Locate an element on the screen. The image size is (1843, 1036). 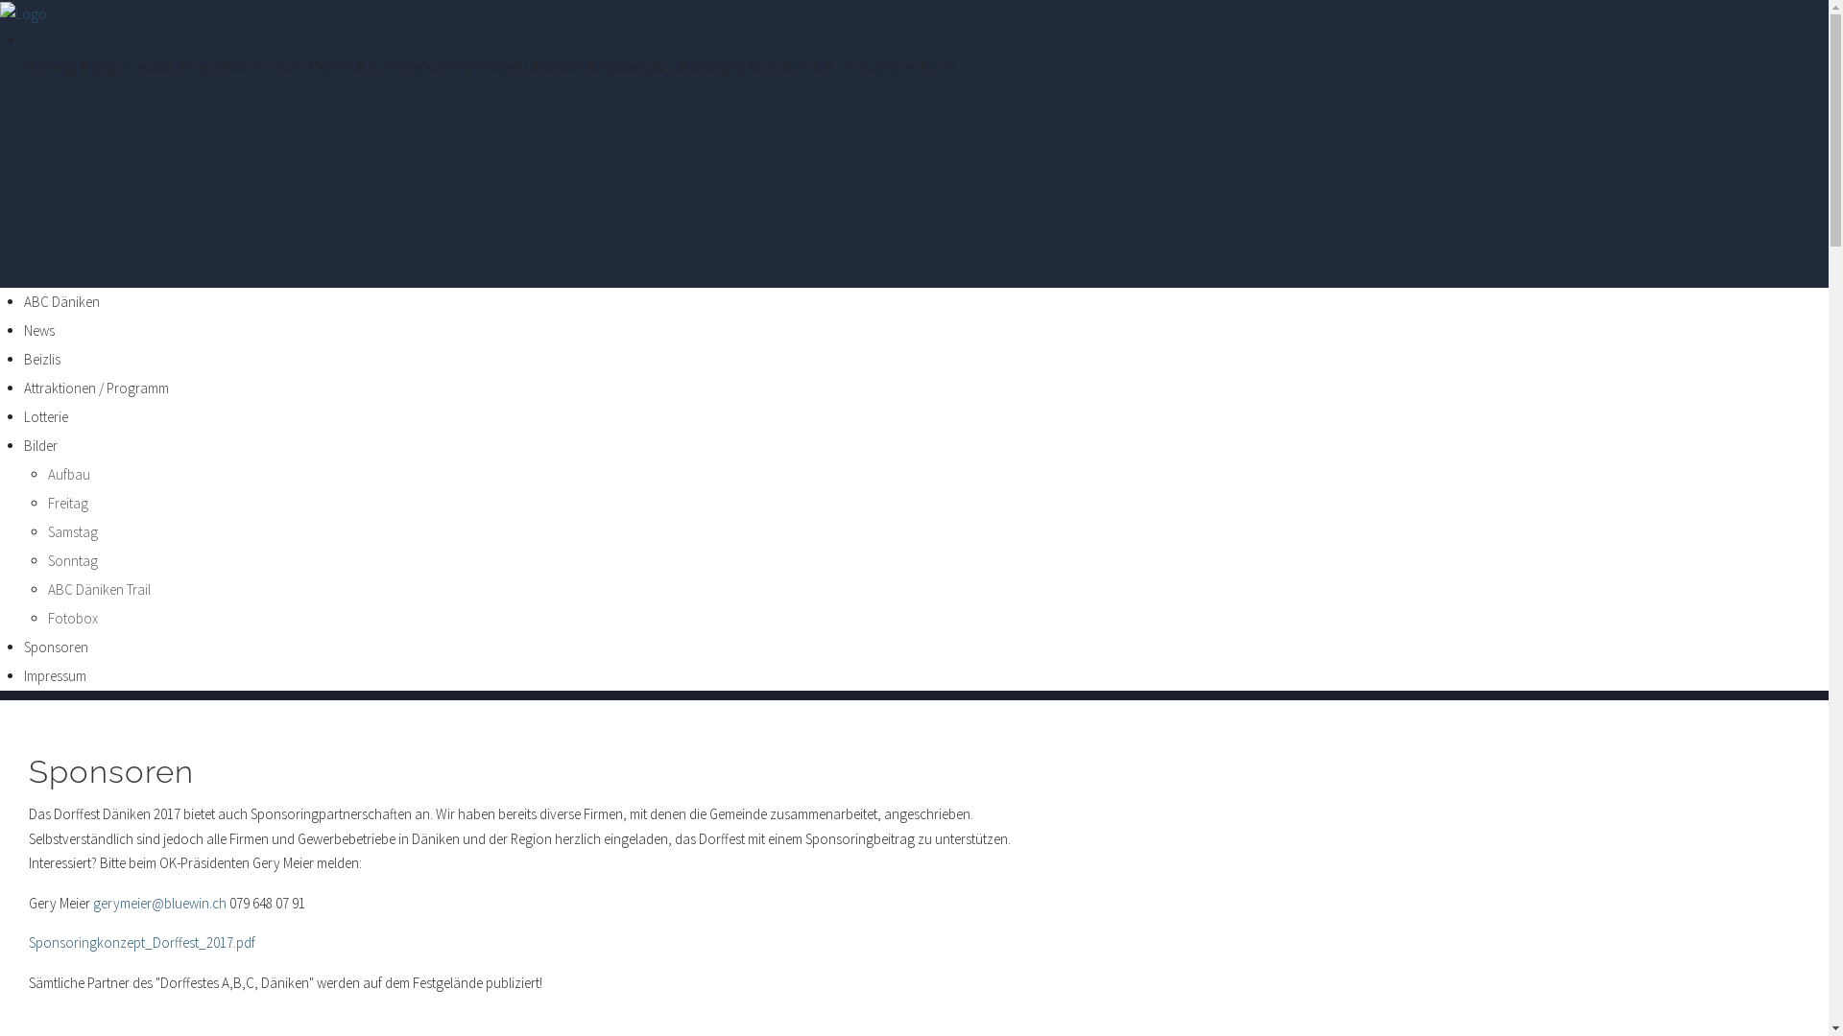
'Samstag' is located at coordinates (73, 531).